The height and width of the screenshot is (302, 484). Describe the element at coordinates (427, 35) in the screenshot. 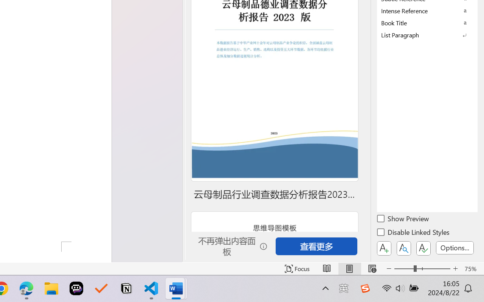

I see `'List Paragraph'` at that location.